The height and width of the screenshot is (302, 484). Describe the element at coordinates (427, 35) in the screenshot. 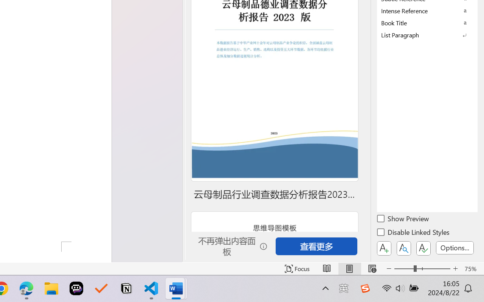

I see `'List Paragraph'` at that location.